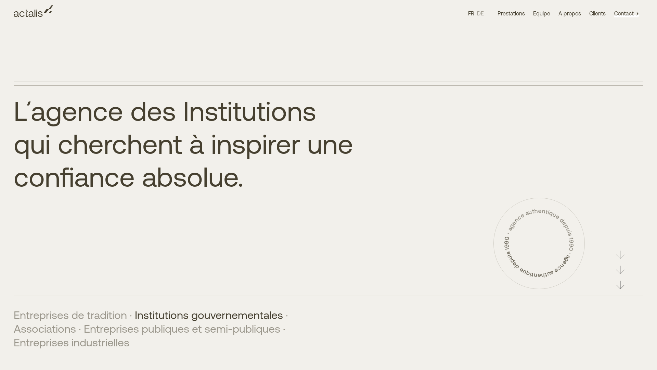 Image resolution: width=657 pixels, height=370 pixels. I want to click on 'Contact', so click(629, 13).